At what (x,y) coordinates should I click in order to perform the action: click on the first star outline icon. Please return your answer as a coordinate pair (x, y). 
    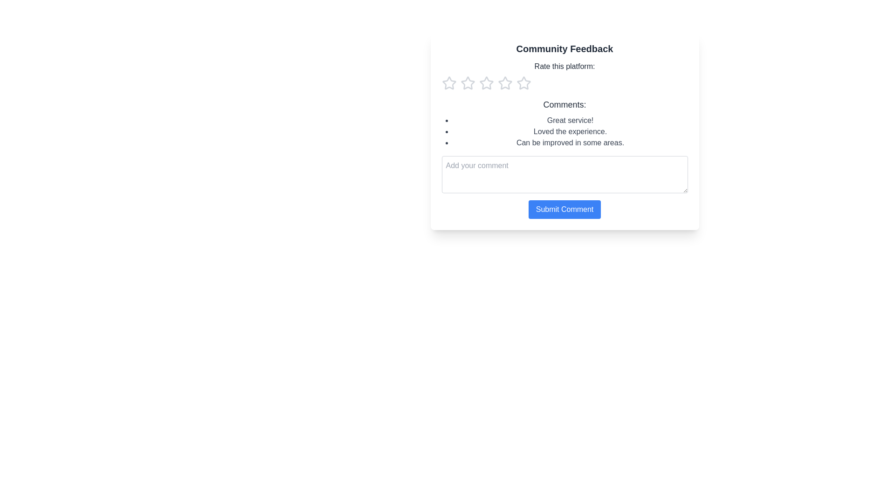
    Looking at the image, I should click on (468, 82).